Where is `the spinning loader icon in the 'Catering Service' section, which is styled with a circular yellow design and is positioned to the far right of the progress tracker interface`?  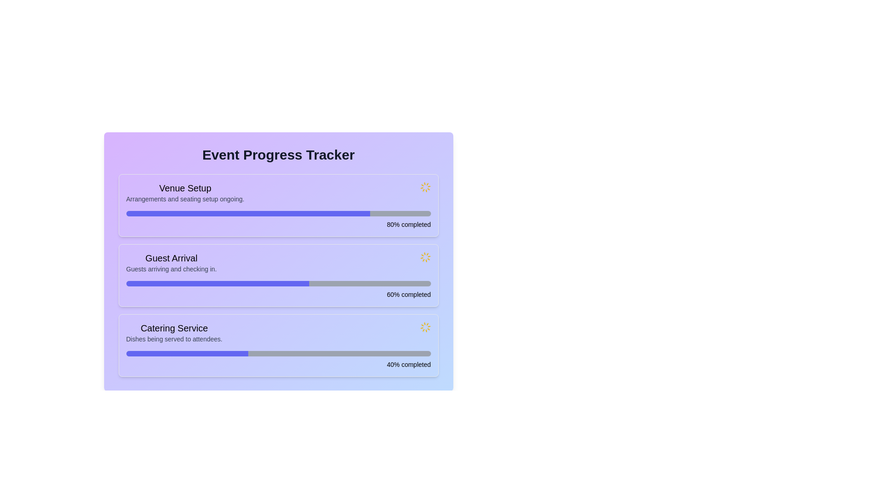 the spinning loader icon in the 'Catering Service' section, which is styled with a circular yellow design and is positioned to the far right of the progress tracker interface is located at coordinates (425, 333).